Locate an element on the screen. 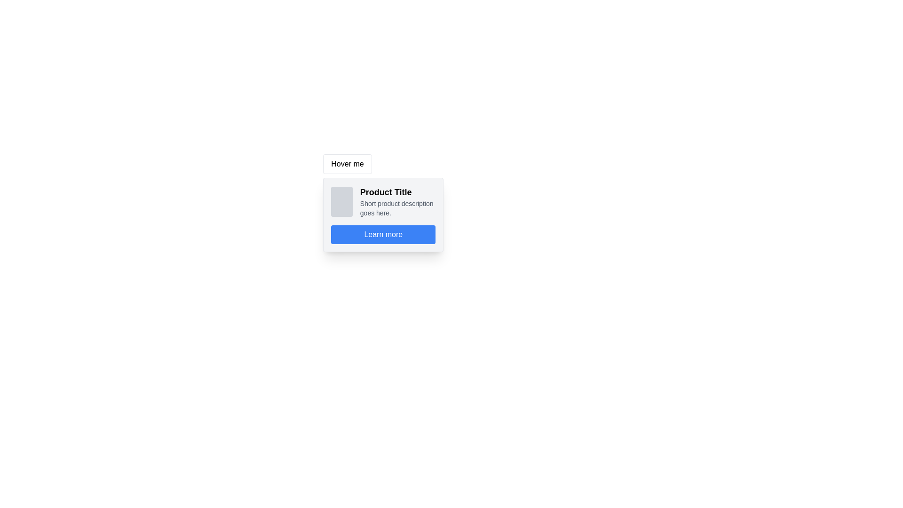 This screenshot has width=903, height=508. the 'Product Title' text block displayed in bold and large font at the top of the product card is located at coordinates (398, 191).